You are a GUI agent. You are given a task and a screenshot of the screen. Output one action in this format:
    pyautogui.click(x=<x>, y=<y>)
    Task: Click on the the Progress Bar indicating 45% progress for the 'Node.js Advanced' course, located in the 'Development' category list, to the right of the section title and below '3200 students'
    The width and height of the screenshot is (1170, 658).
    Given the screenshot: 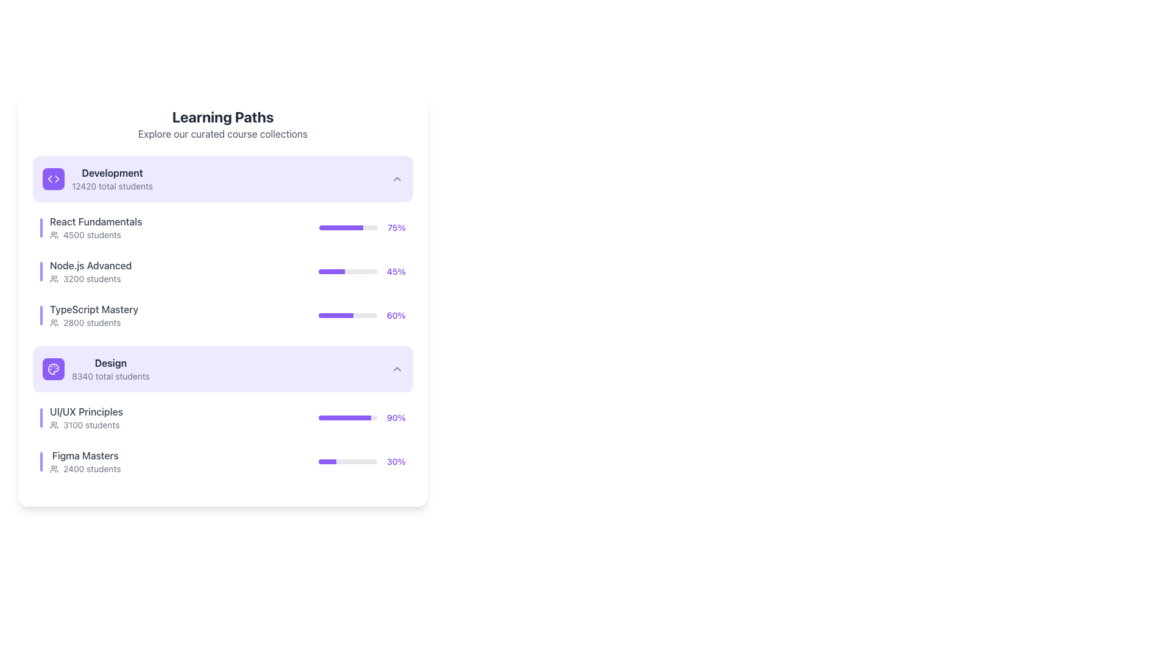 What is the action you would take?
    pyautogui.click(x=347, y=271)
    